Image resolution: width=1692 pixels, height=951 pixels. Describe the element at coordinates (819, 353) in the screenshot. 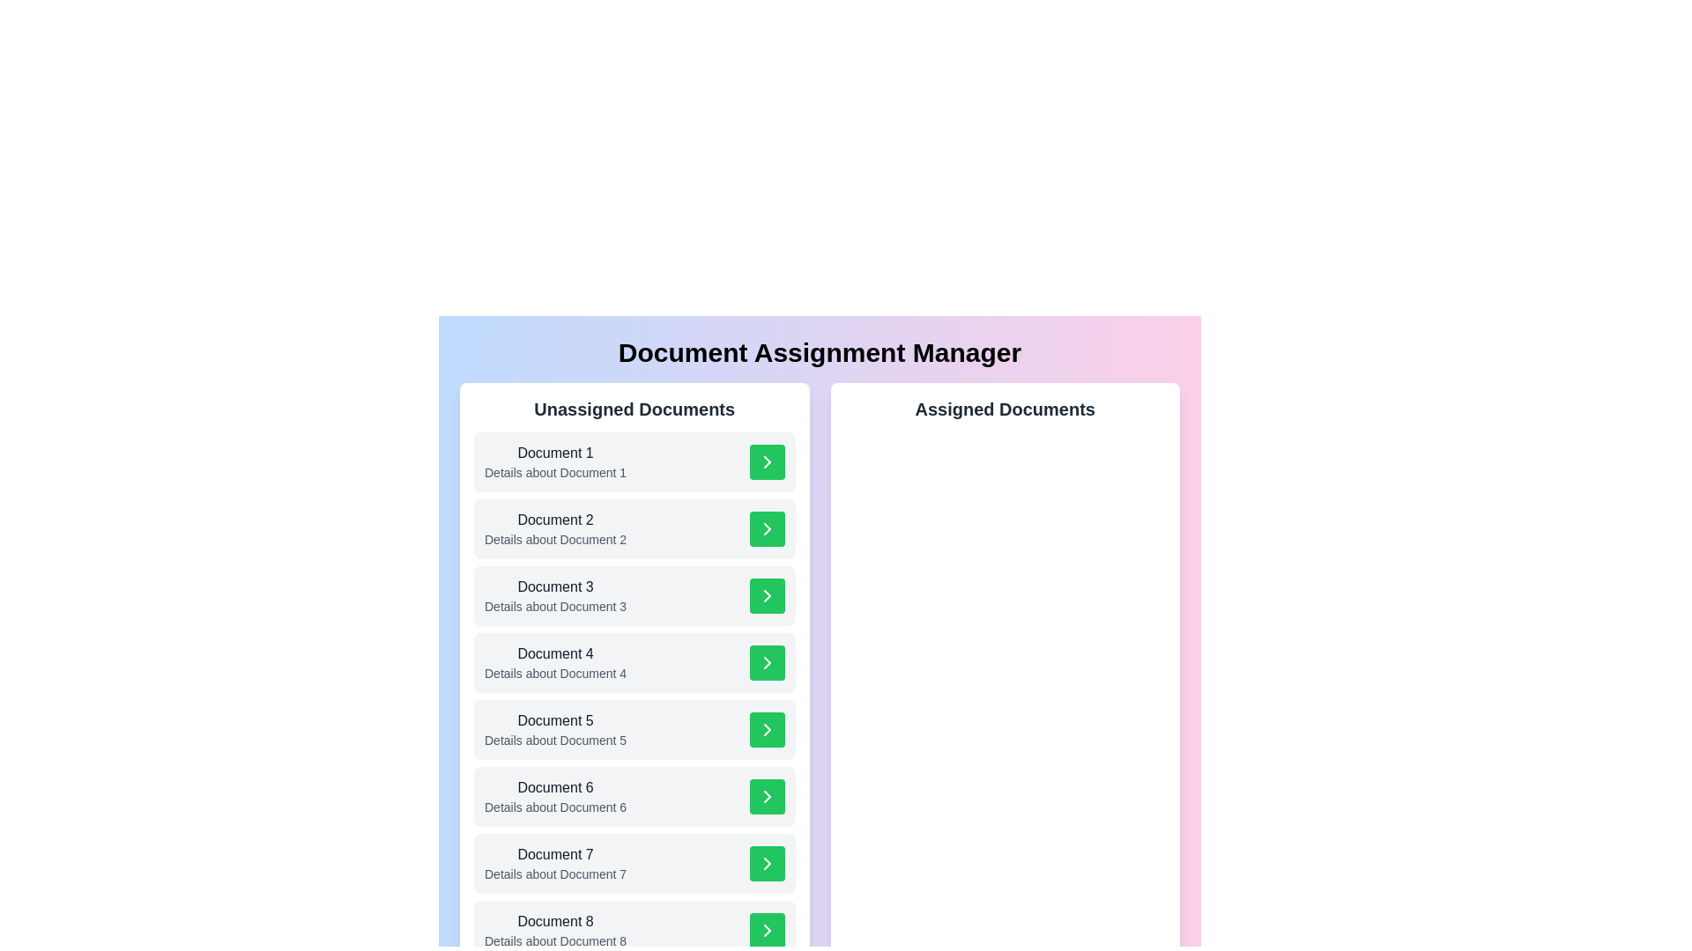

I see `the 'Document Assignment Manager' header, which is centrally aligned at the top of its section with a gradient background from blue to pink` at that location.